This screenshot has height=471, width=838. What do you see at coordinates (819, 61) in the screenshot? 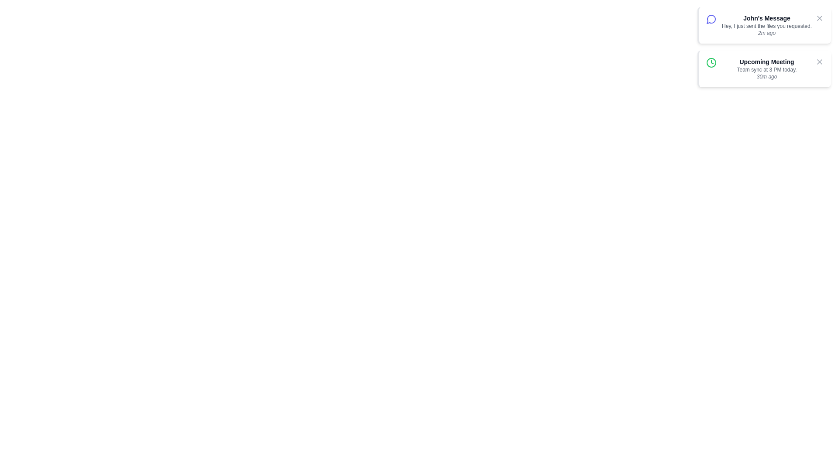
I see `close button for the notification titled Upcoming Meeting` at bounding box center [819, 61].